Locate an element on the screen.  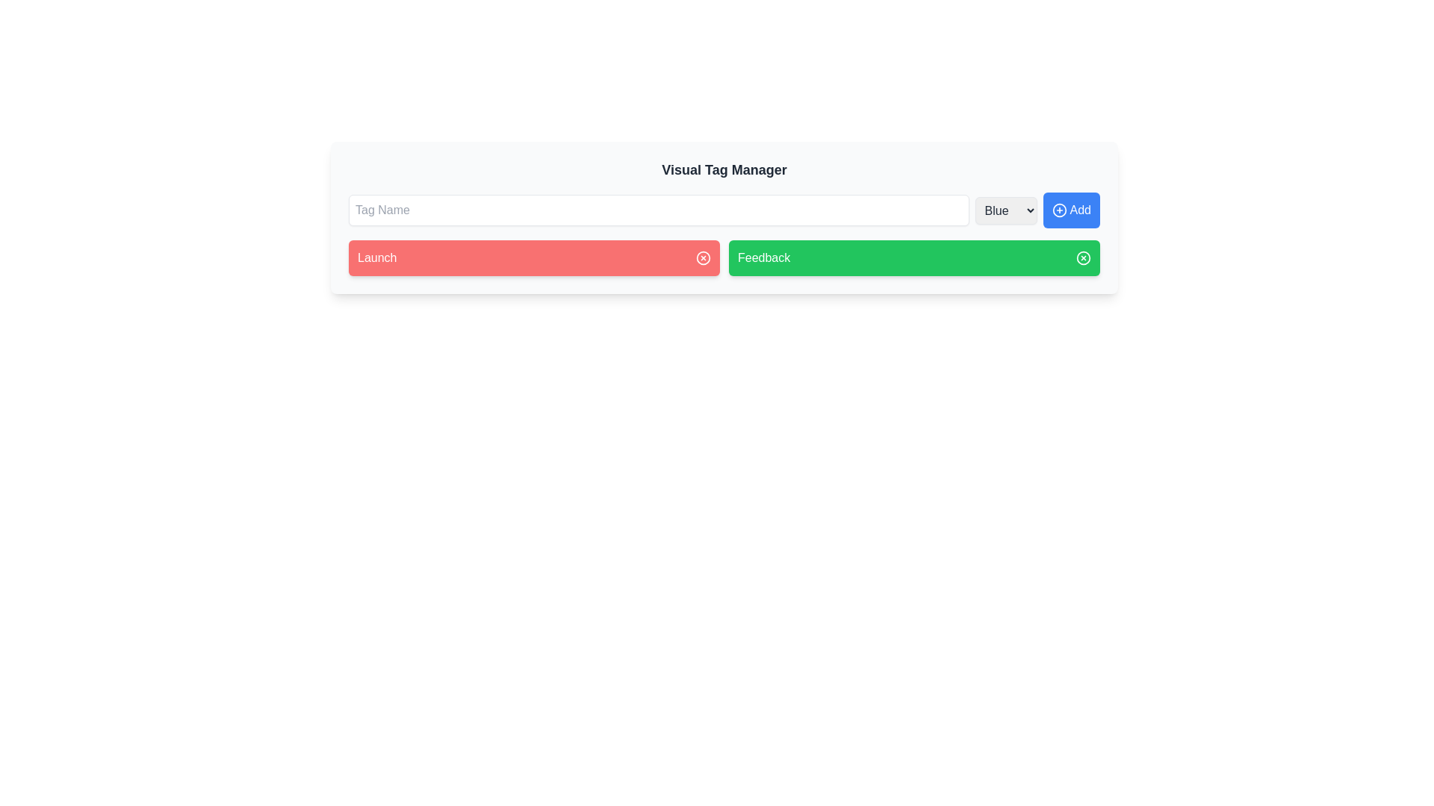
the close icon button located at the far right corner of the 'Launch' red button is located at coordinates (702, 257).